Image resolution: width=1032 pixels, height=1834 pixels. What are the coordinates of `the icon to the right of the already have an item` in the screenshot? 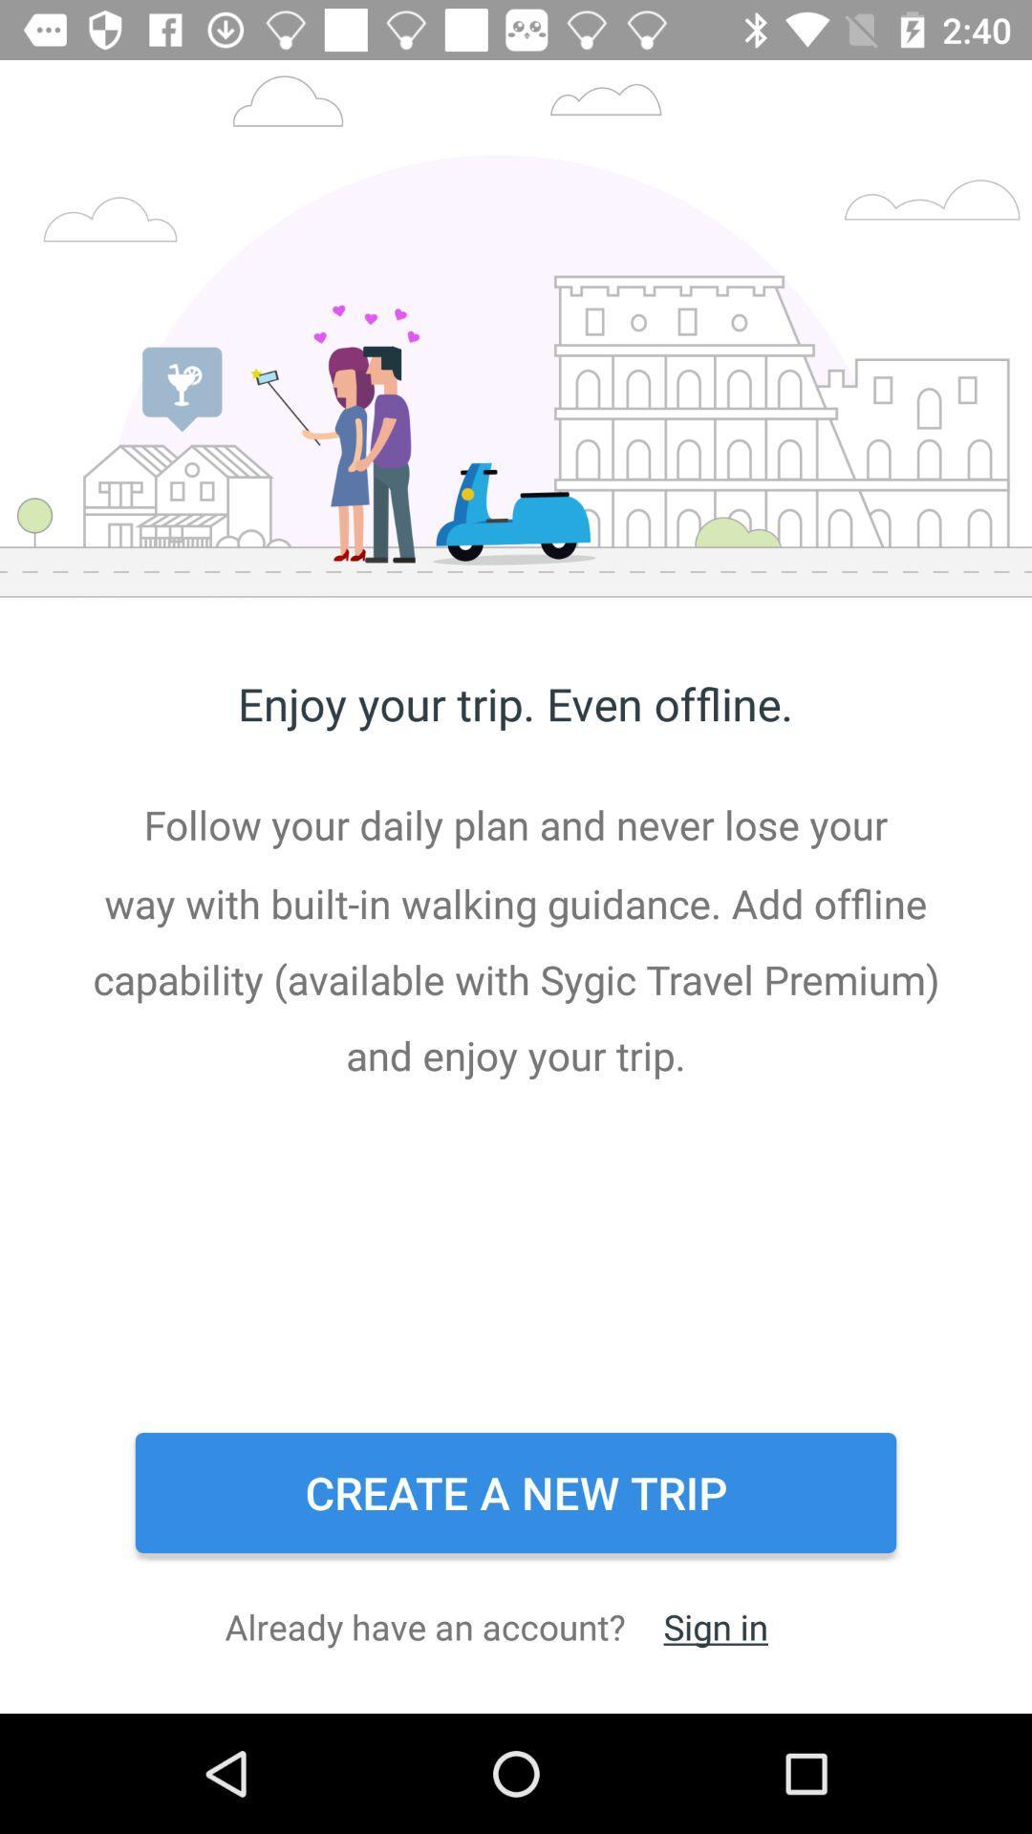 It's located at (716, 1626).